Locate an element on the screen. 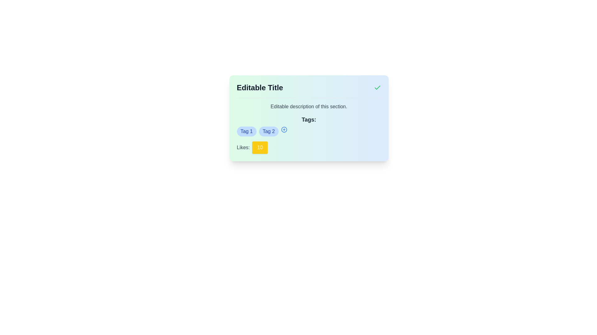 Image resolution: width=597 pixels, height=335 pixels. the button located in the 'Tags' section, positioned to the right of the 'Tag 2' label is located at coordinates (284, 129).